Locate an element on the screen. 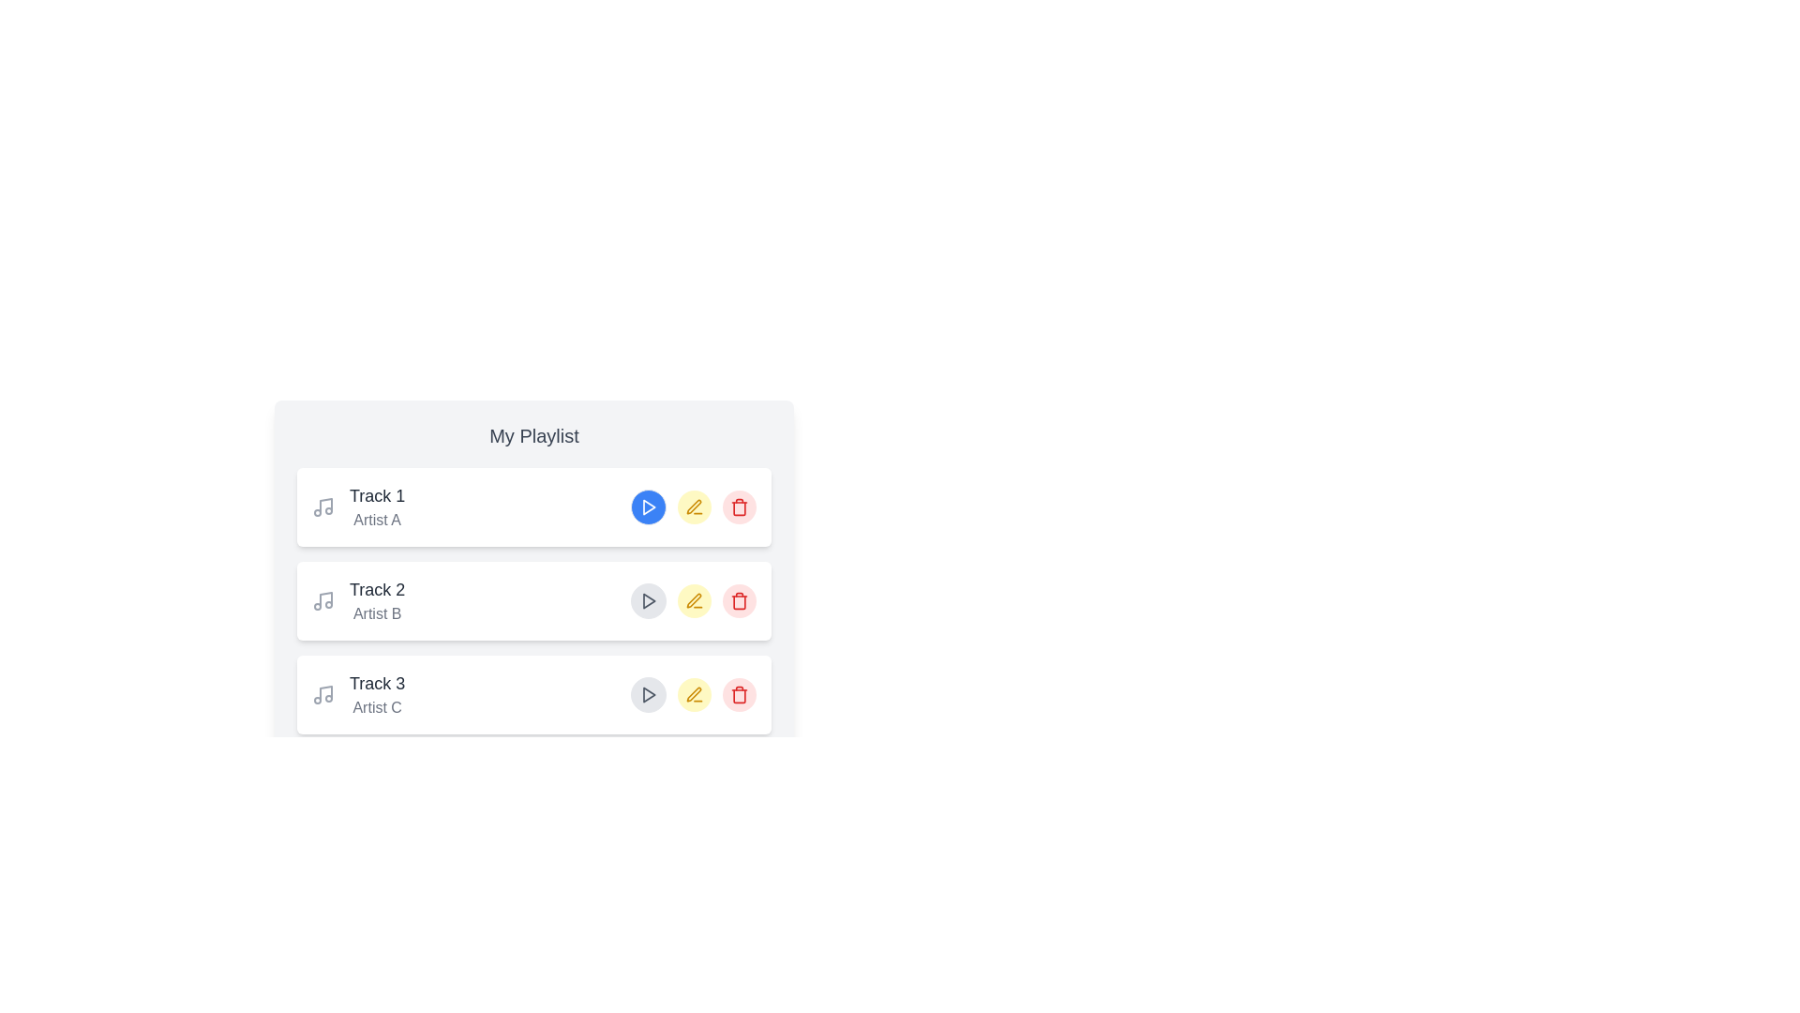 The height and width of the screenshot is (1013, 1800). delete button for the track with title Track 3 is located at coordinates (738, 694).